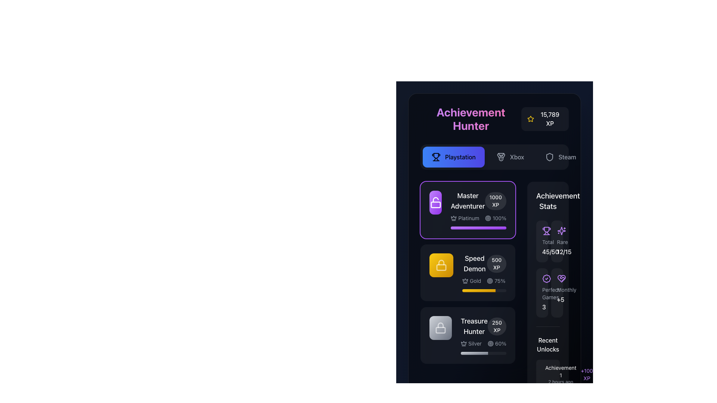  What do you see at coordinates (467, 210) in the screenshot?
I see `the first Achievement card titled 'Master Adventurer', which features a rounded-rectangle shape with a dark background, a gradient purple icon on the left, and text in white and gray hues in the center` at bounding box center [467, 210].